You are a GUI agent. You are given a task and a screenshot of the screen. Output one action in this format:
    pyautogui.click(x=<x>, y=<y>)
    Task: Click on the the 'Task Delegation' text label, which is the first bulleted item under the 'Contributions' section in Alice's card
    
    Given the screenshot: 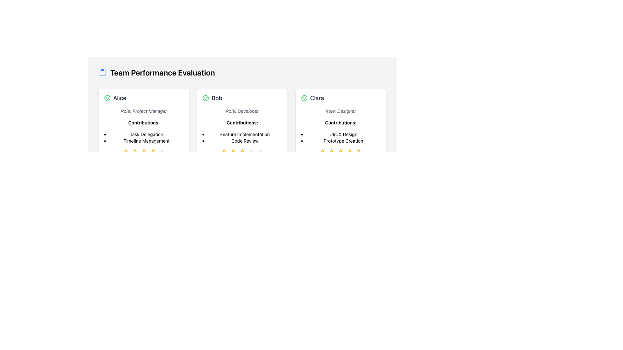 What is the action you would take?
    pyautogui.click(x=146, y=134)
    